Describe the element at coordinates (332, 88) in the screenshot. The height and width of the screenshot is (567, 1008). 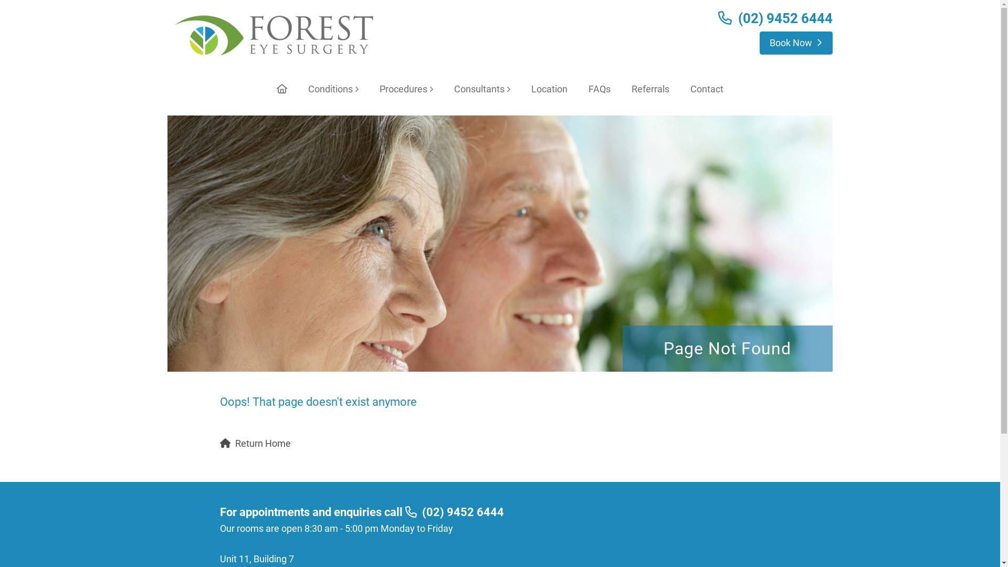
I see `'Conditions'` at that location.